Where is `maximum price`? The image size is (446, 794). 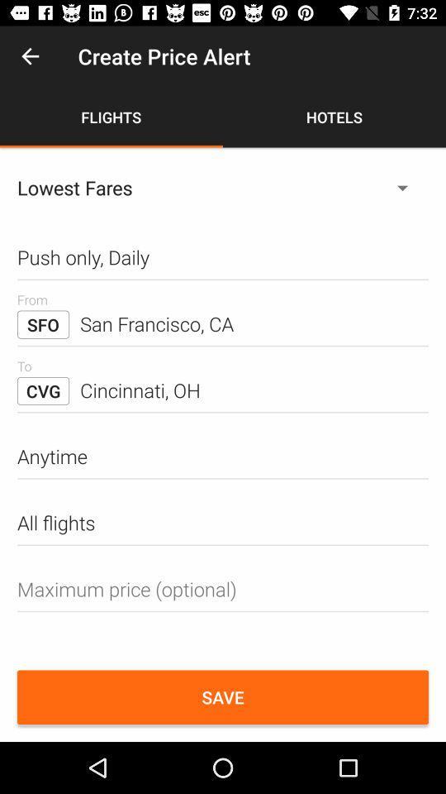
maximum price is located at coordinates (223, 589).